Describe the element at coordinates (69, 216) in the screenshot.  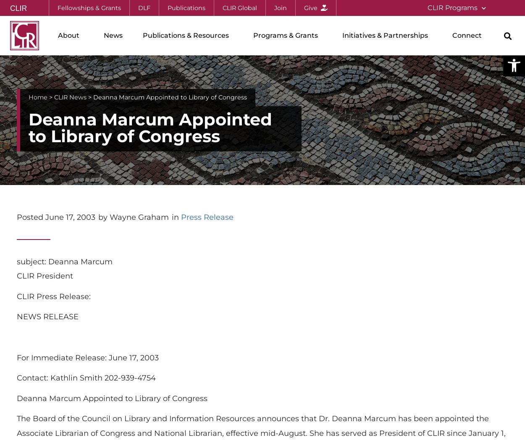
I see `'June 17, 2003'` at that location.